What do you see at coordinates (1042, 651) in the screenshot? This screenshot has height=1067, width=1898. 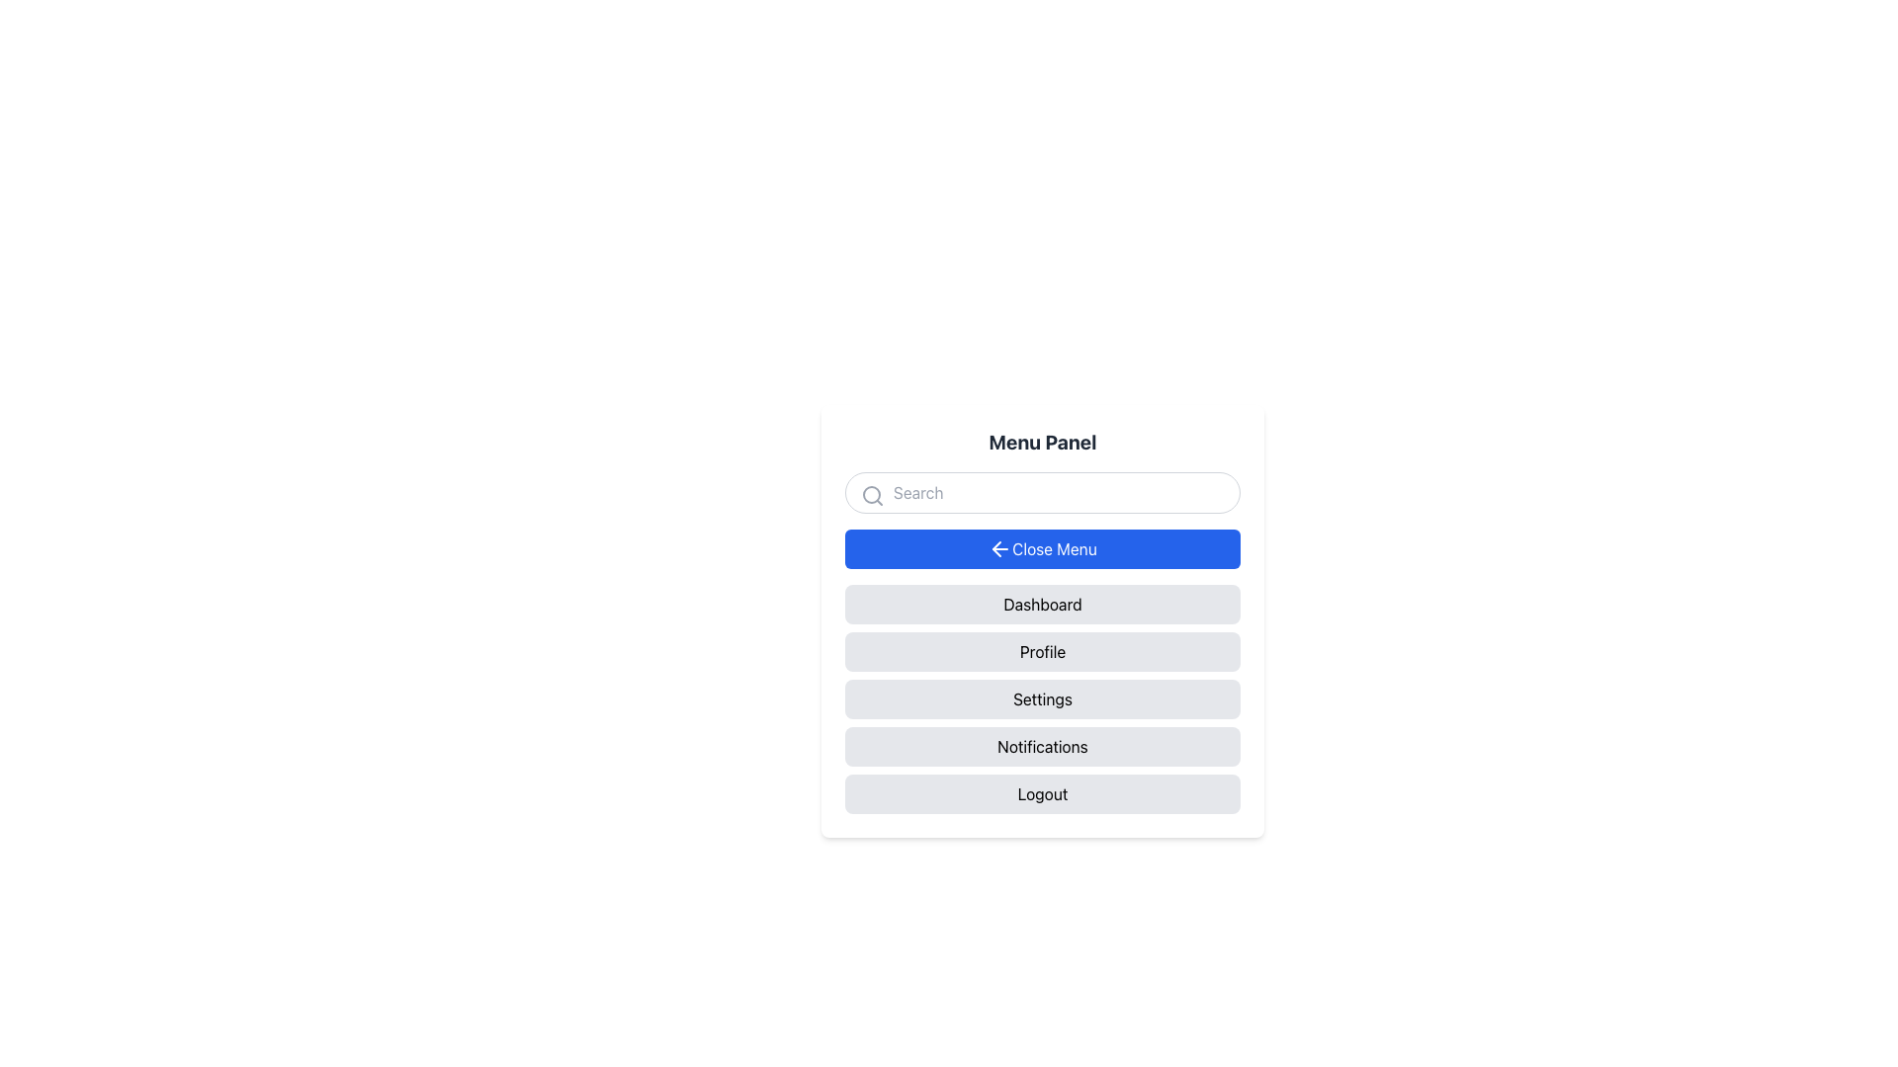 I see `the navigation button located below the 'Dashboard' button and above the 'Settings' button` at bounding box center [1042, 651].